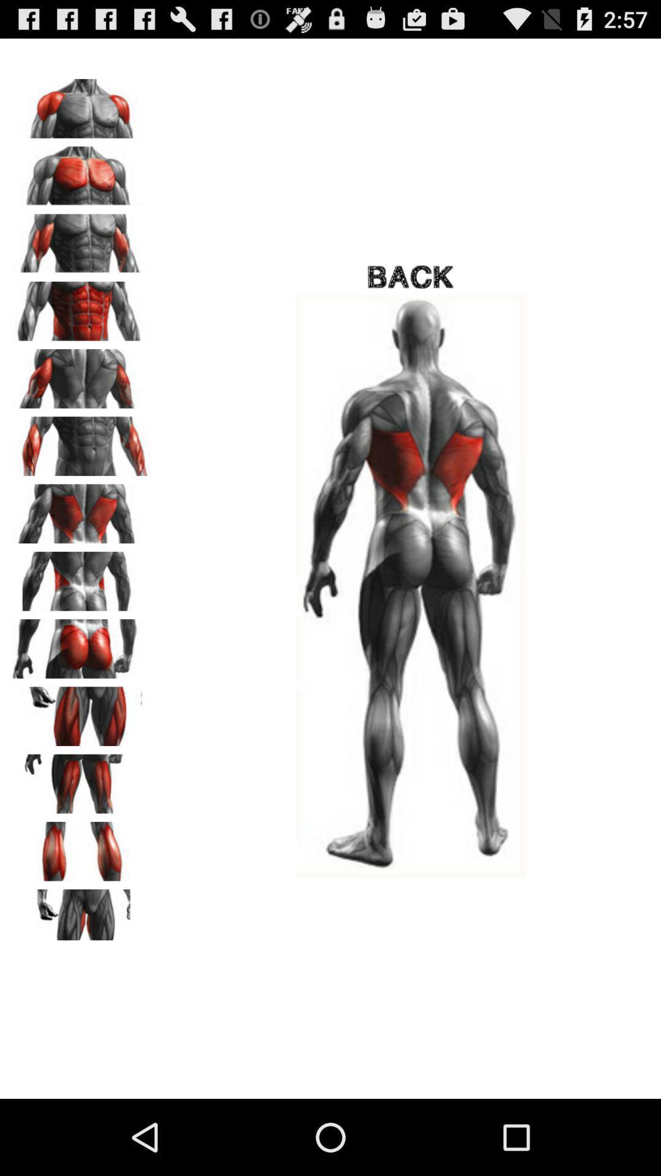 The image size is (661, 1176). I want to click on of an animated human with lungs that are flasing also red points, so click(80, 510).